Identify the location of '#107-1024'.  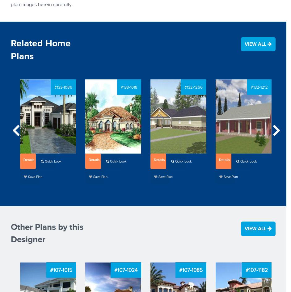
(126, 270).